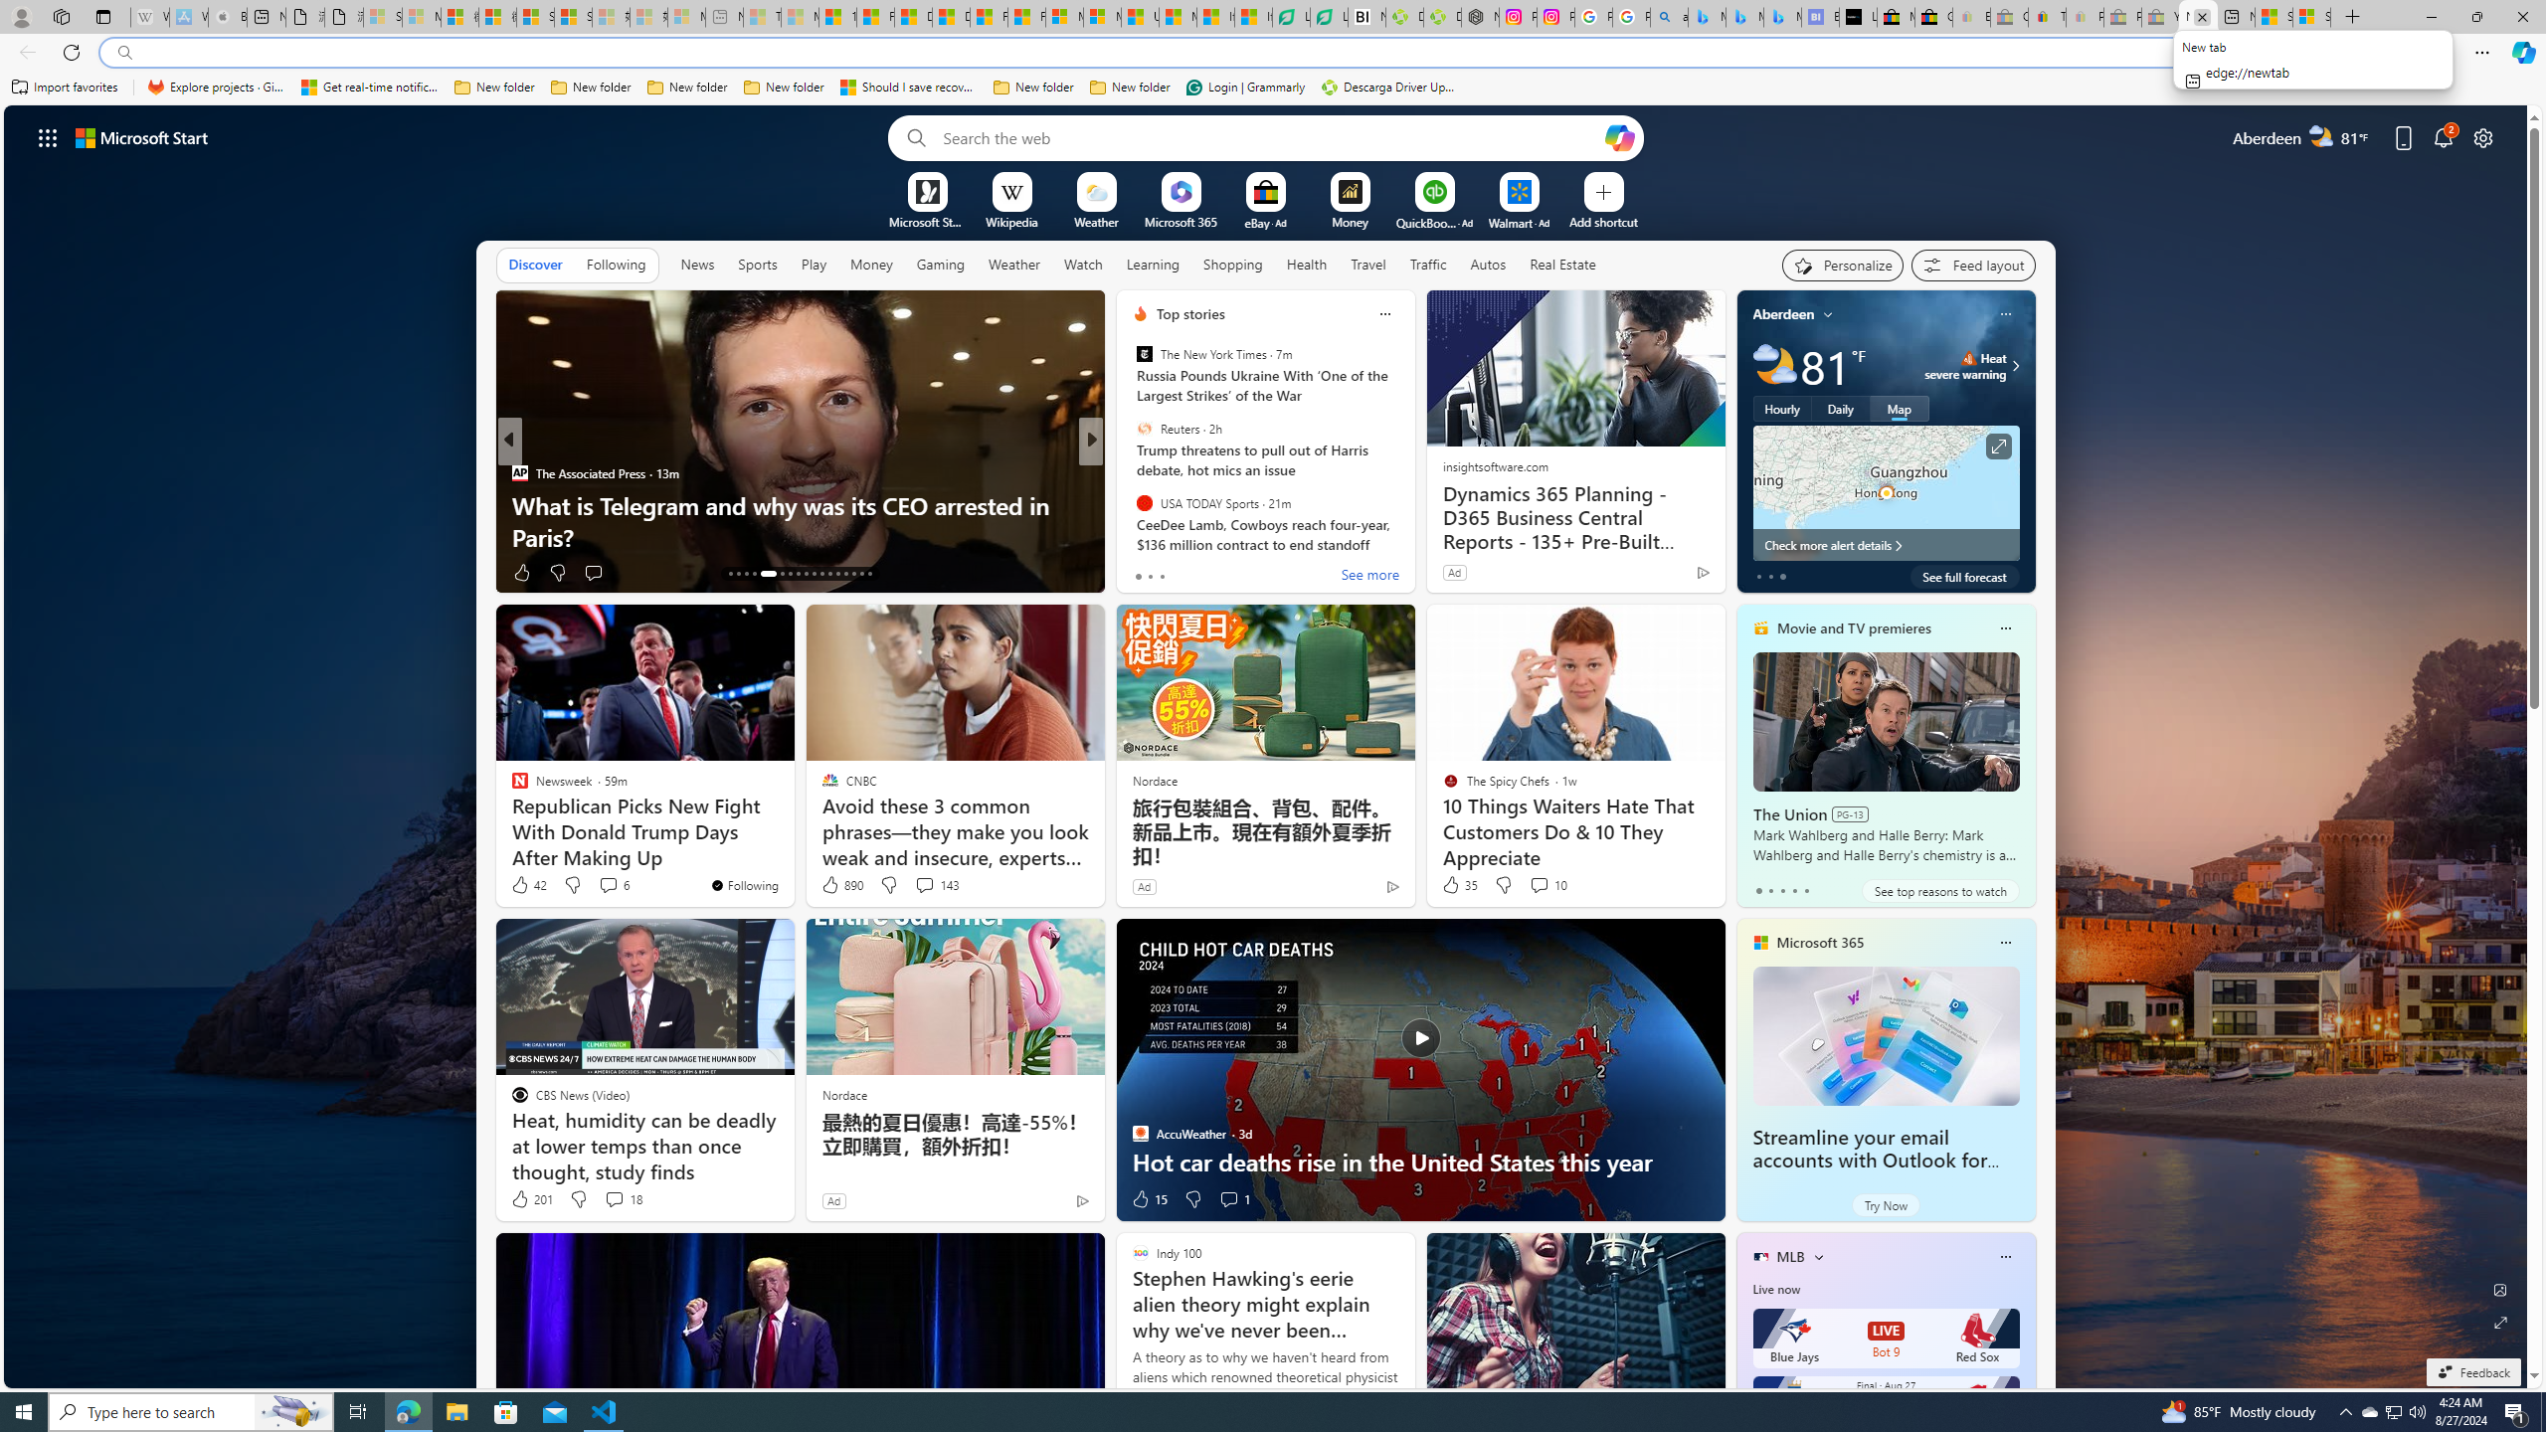  What do you see at coordinates (612, 883) in the screenshot?
I see `'View comments 6 Comment'` at bounding box center [612, 883].